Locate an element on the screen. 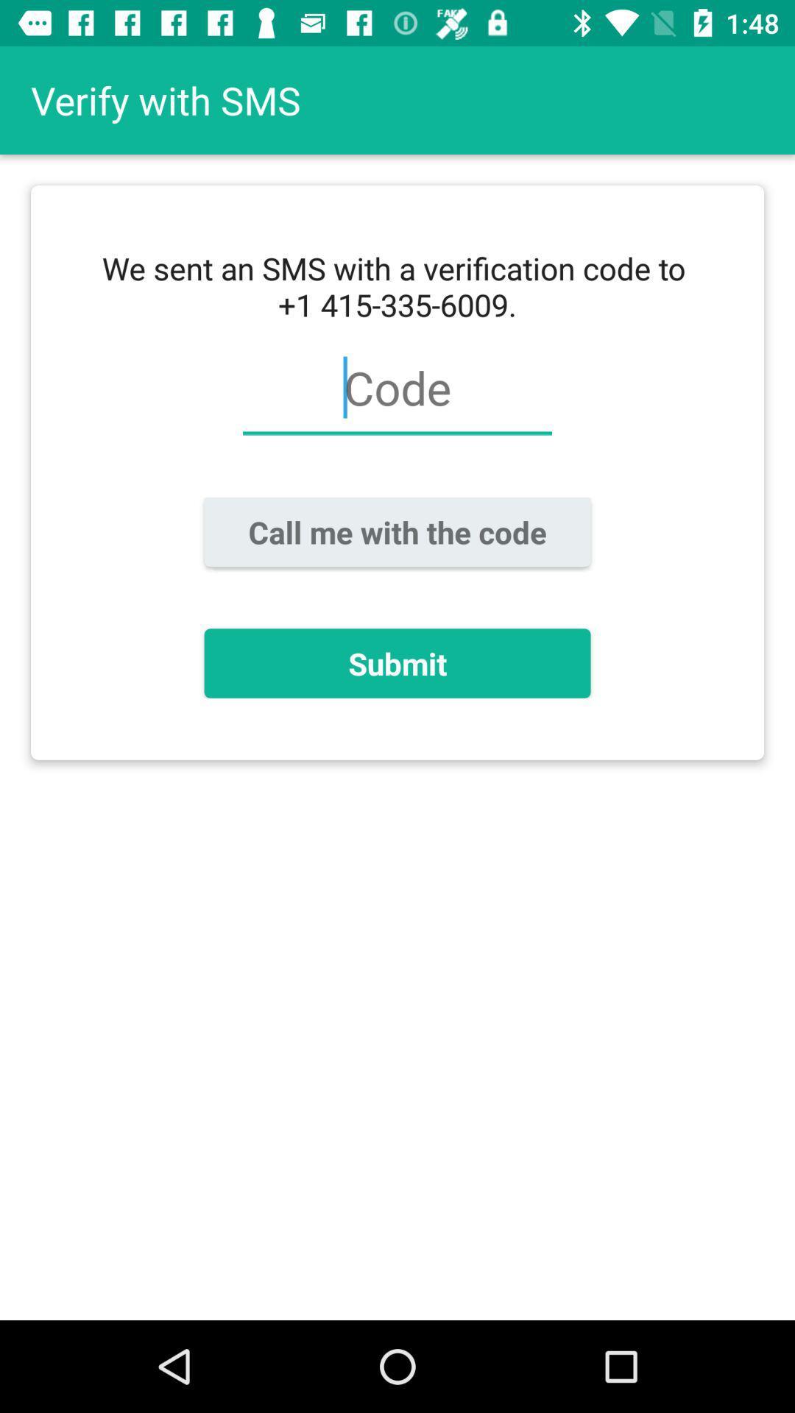  submit is located at coordinates (397, 662).